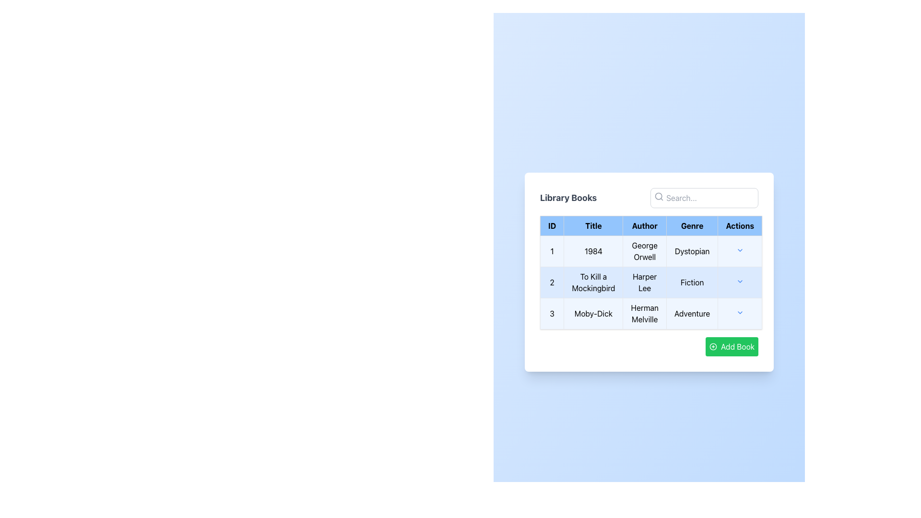 This screenshot has height=518, width=921. What do you see at coordinates (593, 250) in the screenshot?
I see `the text display element that shows '1984' within a bordered rectangular cell, located in the 'Title' column of the table, positioned between '1' and 'George Orwell'` at bounding box center [593, 250].